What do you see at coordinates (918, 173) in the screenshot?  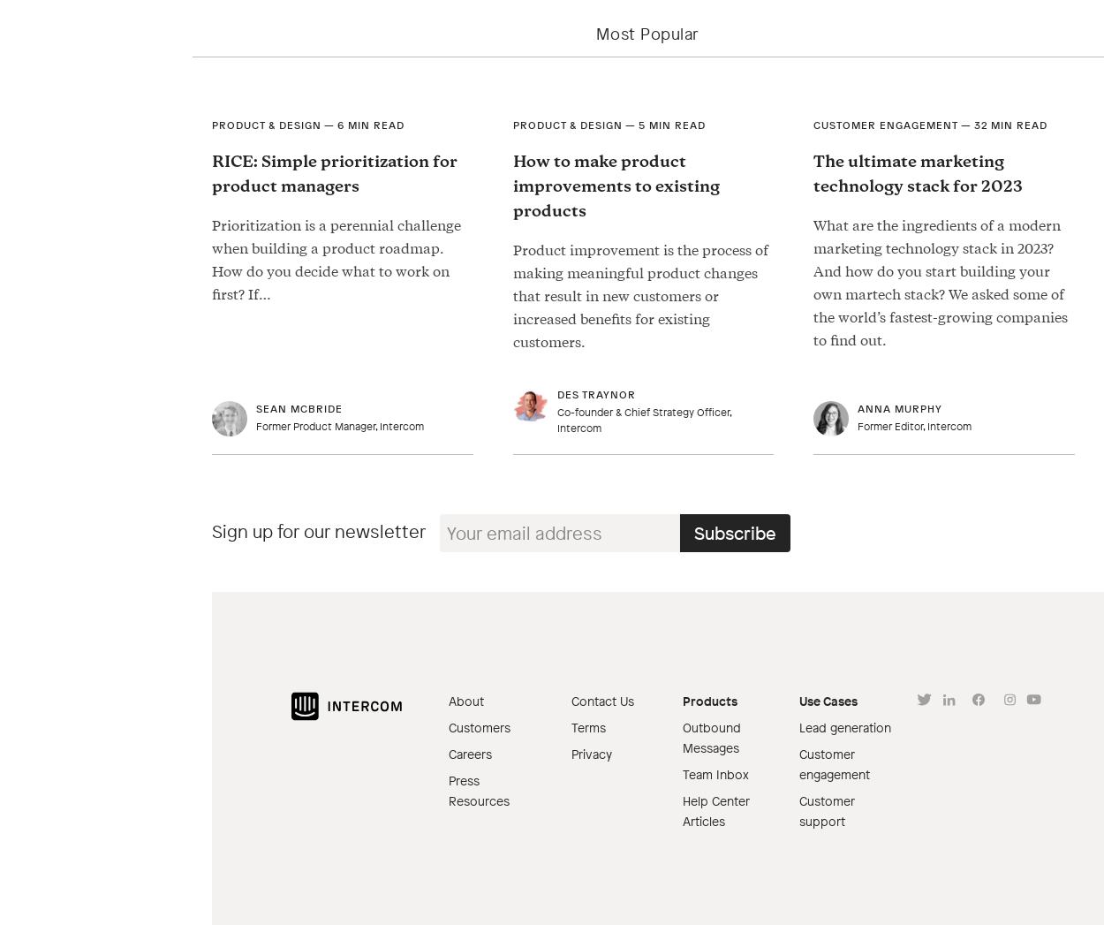 I see `'The ultimate marketing technology stack for 2023'` at bounding box center [918, 173].